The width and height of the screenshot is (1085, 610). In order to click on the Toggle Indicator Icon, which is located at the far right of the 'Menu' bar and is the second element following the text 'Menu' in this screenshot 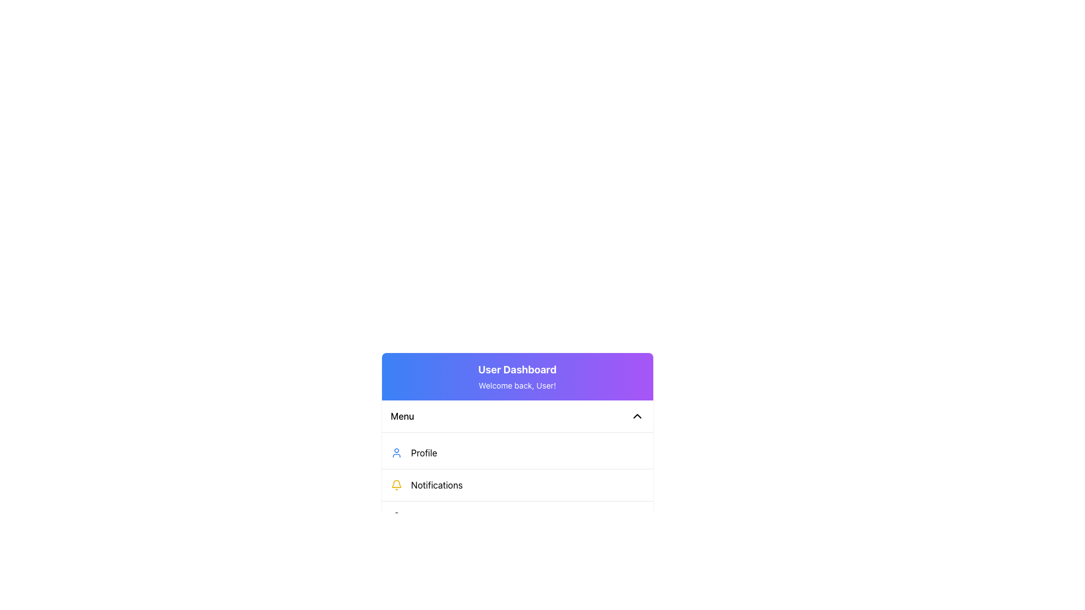, I will do `click(637, 416)`.